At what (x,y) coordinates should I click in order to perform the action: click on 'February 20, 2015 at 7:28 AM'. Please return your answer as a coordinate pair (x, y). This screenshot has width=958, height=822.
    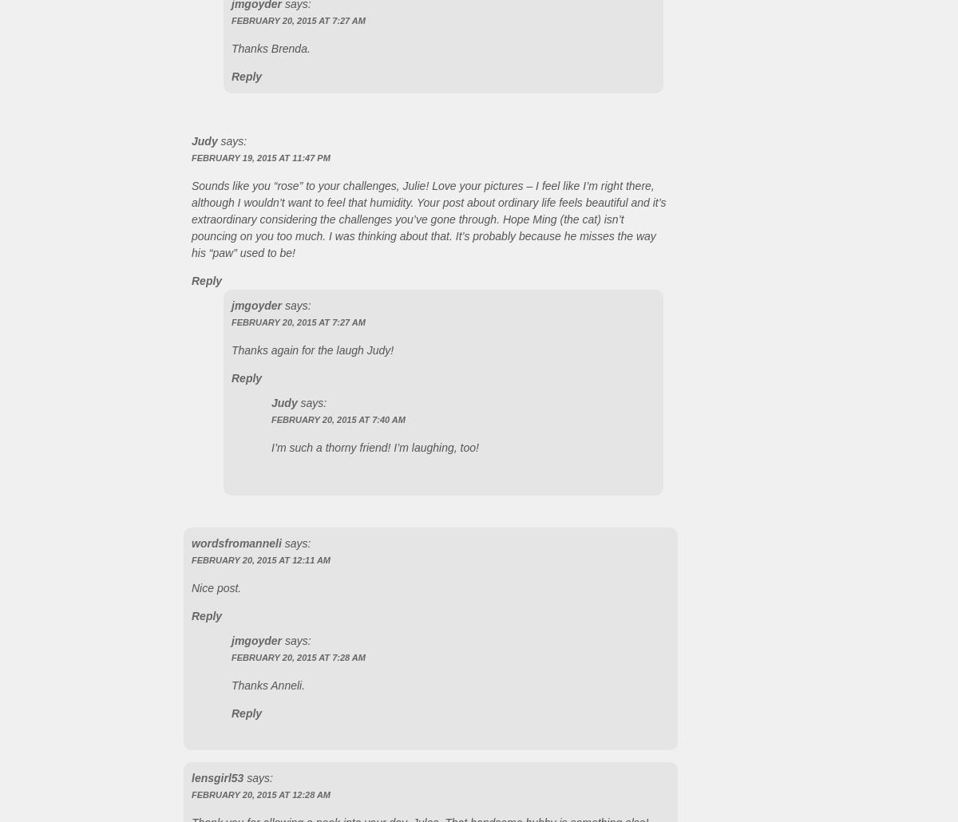
    Looking at the image, I should click on (231, 655).